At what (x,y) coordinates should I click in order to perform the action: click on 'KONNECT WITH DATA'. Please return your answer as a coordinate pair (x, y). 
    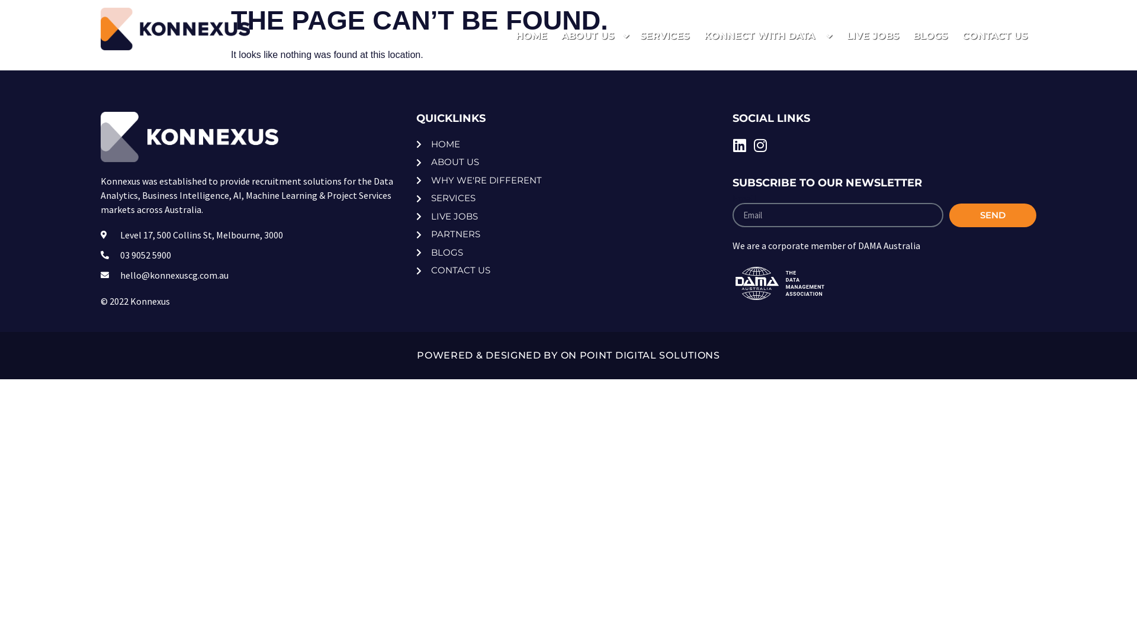
    Looking at the image, I should click on (759, 35).